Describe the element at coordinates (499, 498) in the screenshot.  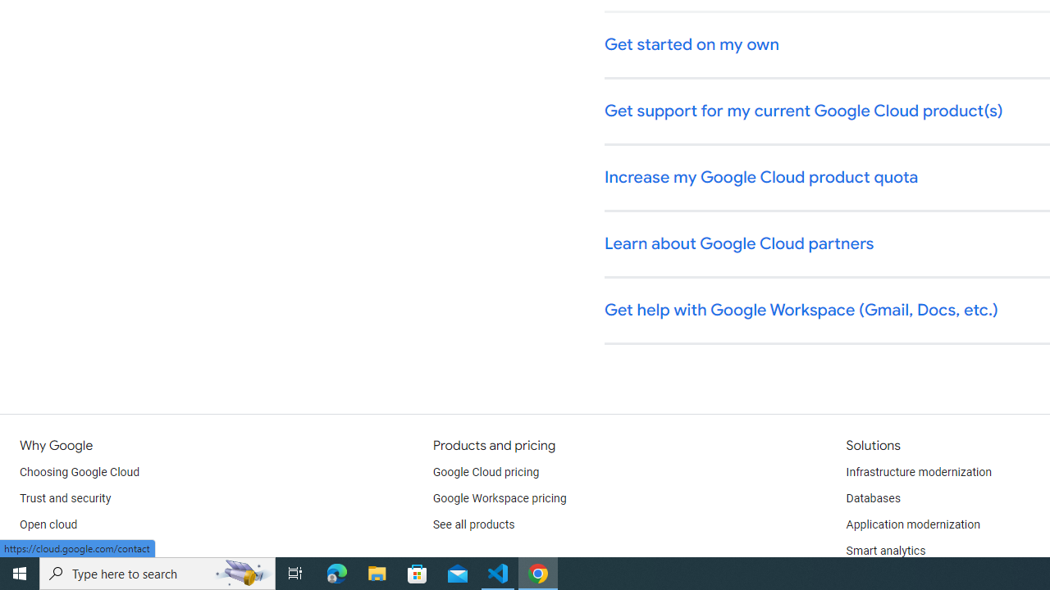
I see `'Google Workspace pricing'` at that location.